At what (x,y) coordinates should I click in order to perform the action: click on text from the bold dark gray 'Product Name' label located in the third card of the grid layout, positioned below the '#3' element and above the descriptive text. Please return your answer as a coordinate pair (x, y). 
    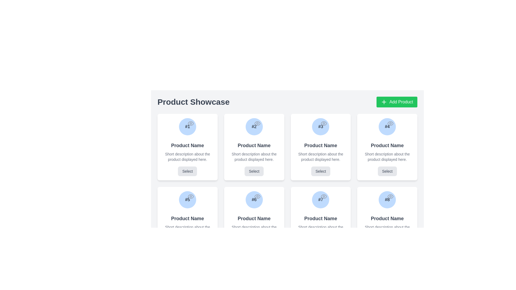
    Looking at the image, I should click on (321, 146).